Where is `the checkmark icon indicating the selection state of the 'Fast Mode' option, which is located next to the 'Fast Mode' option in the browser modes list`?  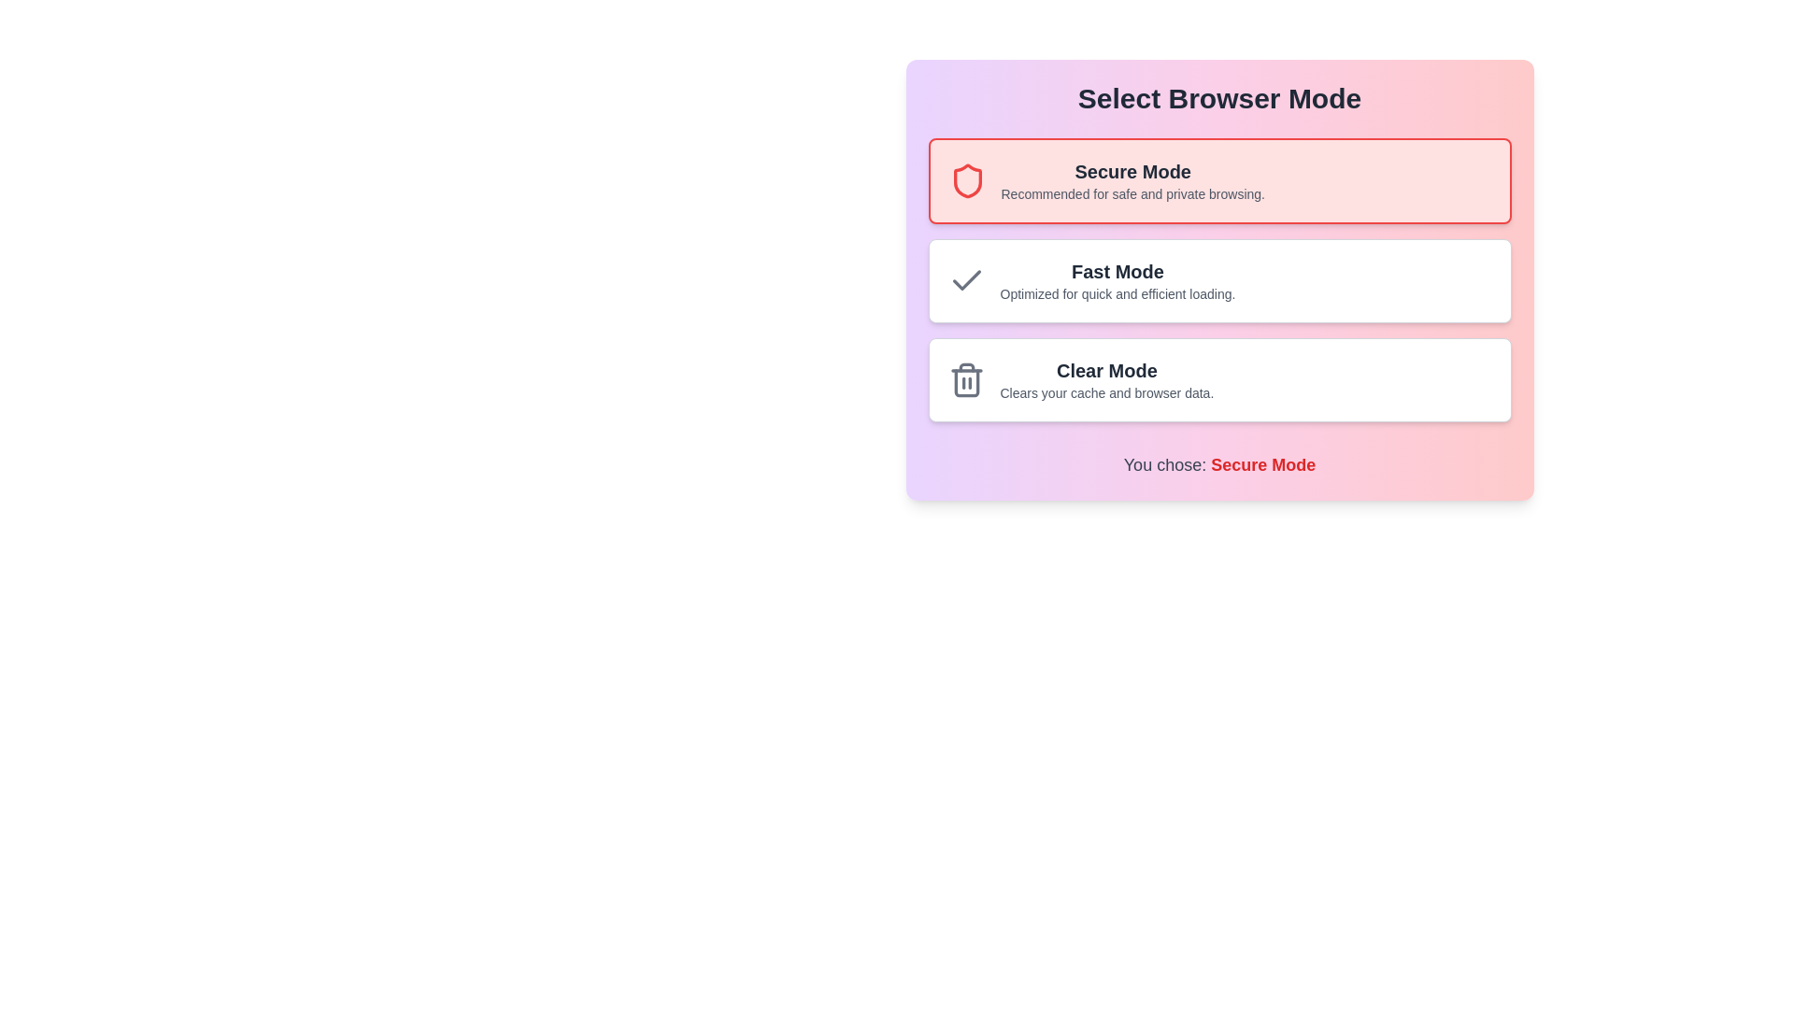 the checkmark icon indicating the selection state of the 'Fast Mode' option, which is located next to the 'Fast Mode' option in the browser modes list is located at coordinates (966, 280).